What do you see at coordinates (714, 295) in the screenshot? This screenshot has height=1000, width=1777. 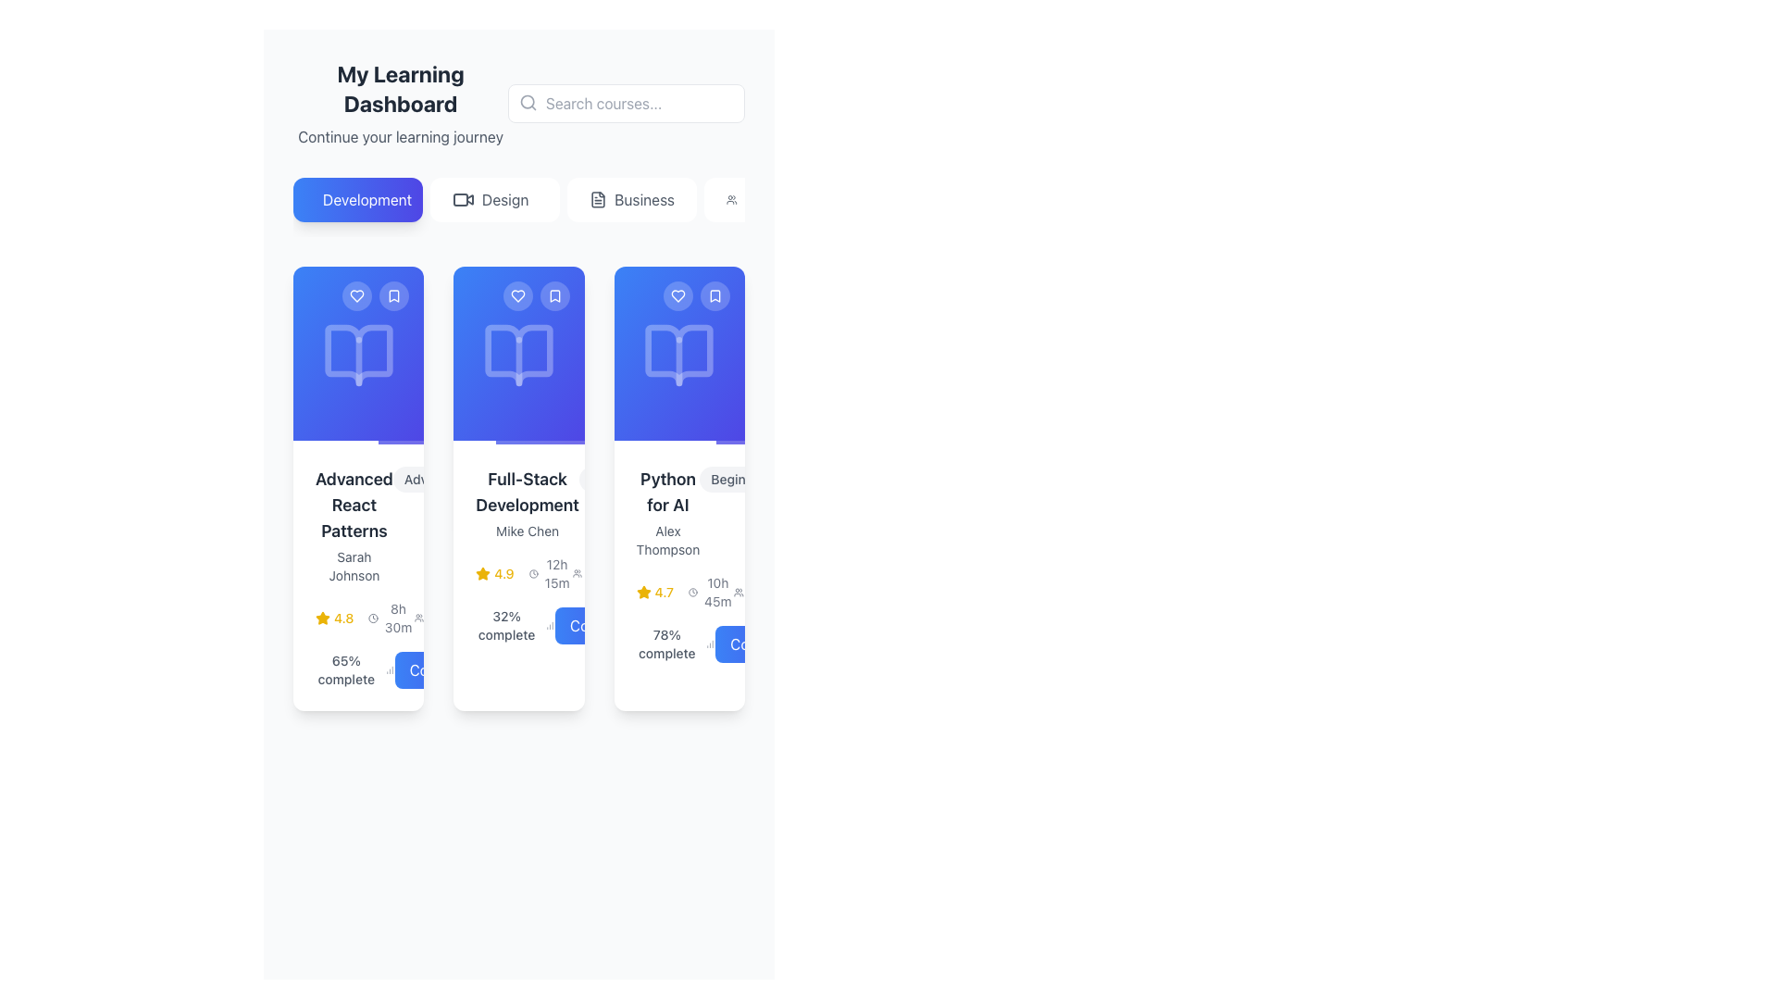 I see `the bookmark icon button located in the top-right corner of the third card under the 'Development' tab to bookmark or unbookmark the course` at bounding box center [714, 295].